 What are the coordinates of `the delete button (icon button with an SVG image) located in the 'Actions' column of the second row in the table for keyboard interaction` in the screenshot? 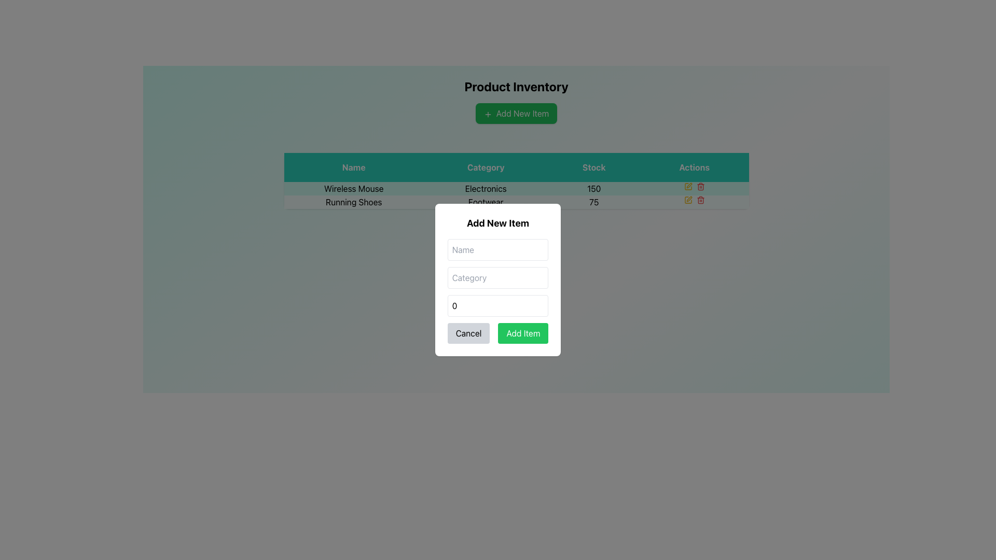 It's located at (700, 200).